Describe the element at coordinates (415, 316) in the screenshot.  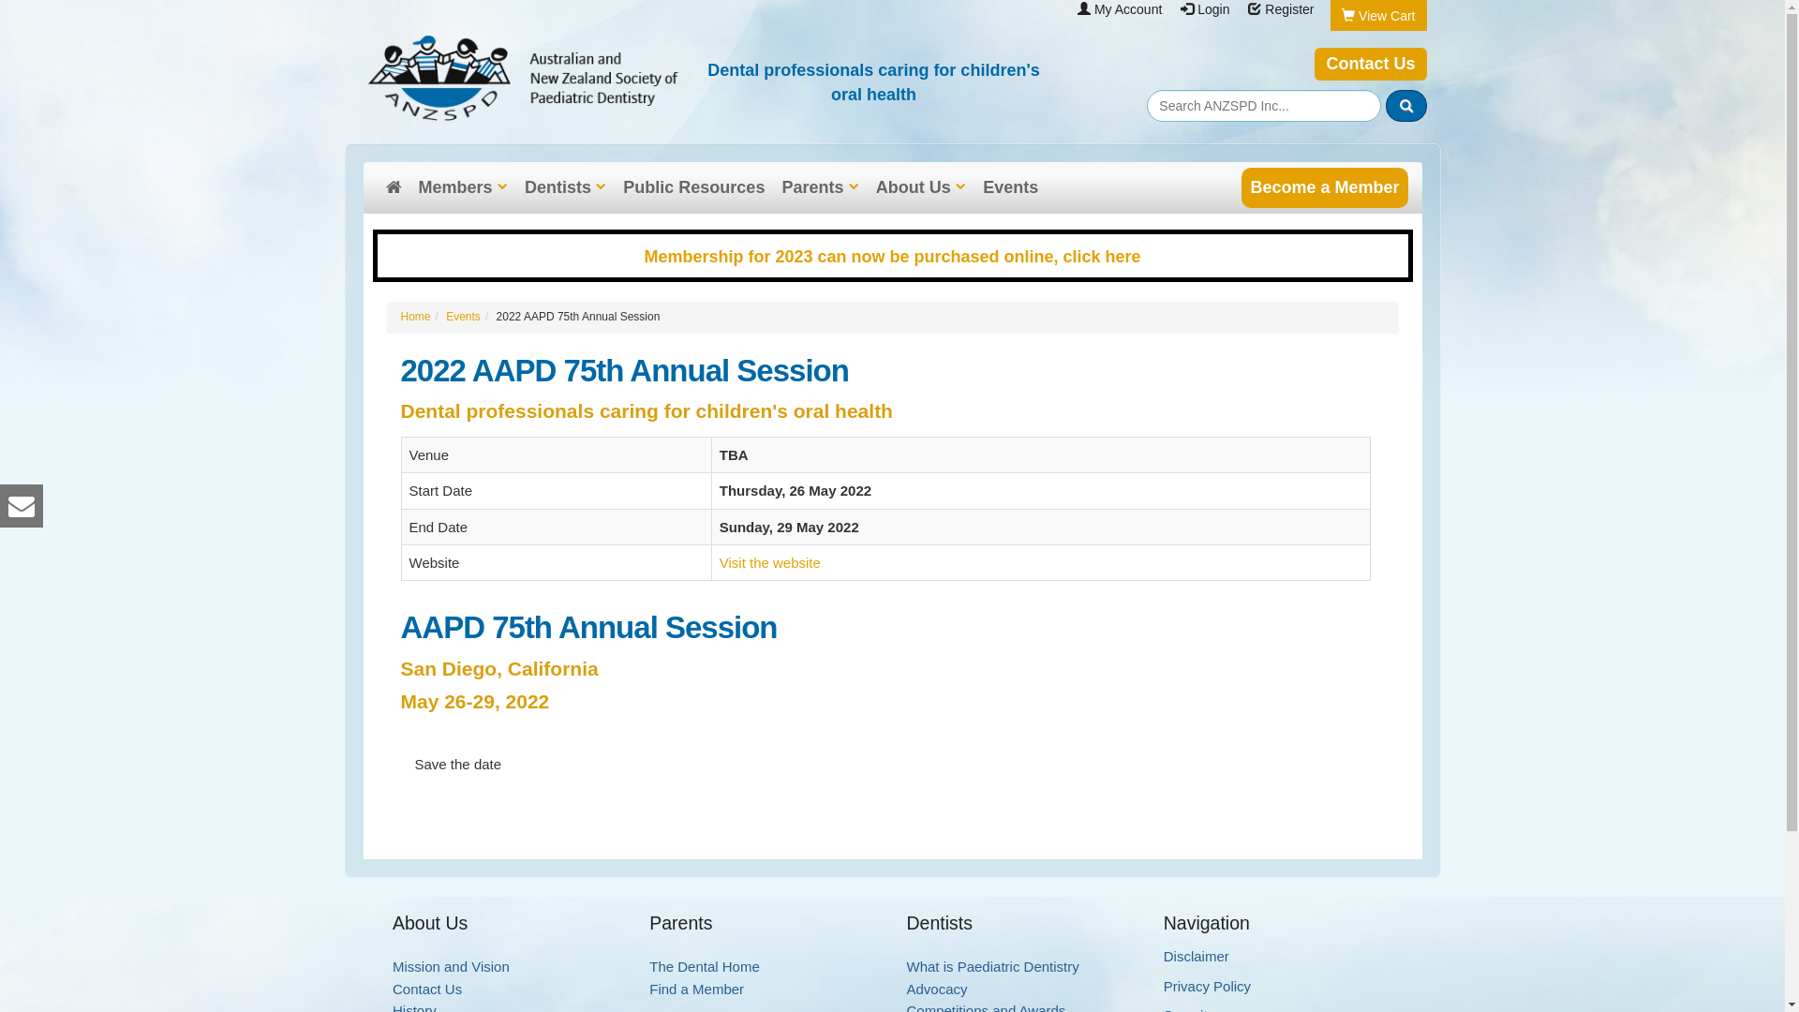
I see `'Home'` at that location.